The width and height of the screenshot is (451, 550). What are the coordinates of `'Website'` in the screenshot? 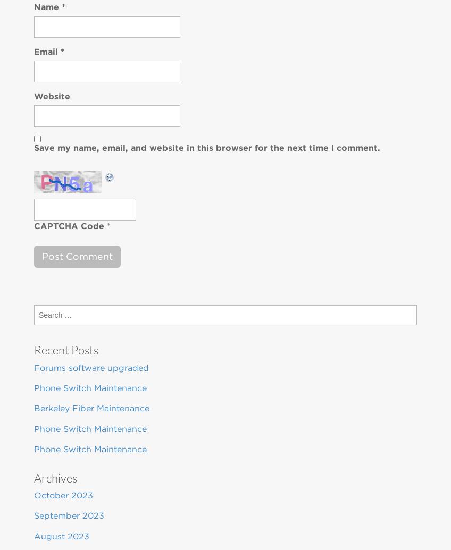 It's located at (52, 96).